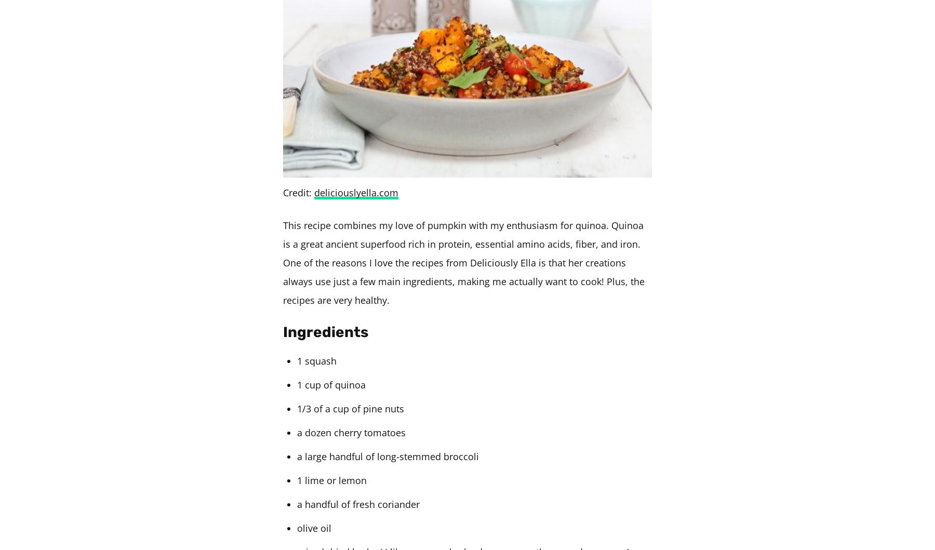 The width and height of the screenshot is (935, 550). I want to click on 'Ingredients', so click(325, 332).